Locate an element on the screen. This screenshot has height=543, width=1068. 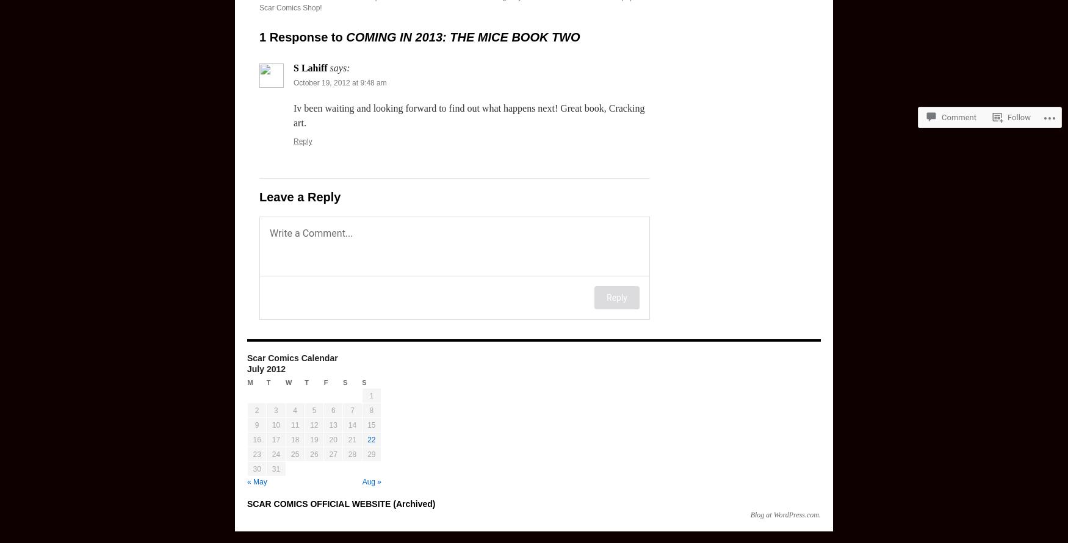
'7' is located at coordinates (352, 410).